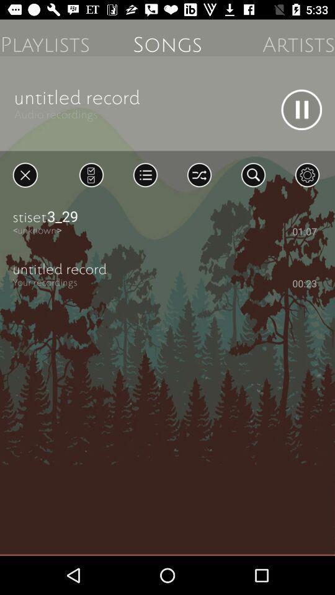 Image resolution: width=335 pixels, height=595 pixels. Describe the element at coordinates (301, 109) in the screenshot. I see `the pause icon` at that location.